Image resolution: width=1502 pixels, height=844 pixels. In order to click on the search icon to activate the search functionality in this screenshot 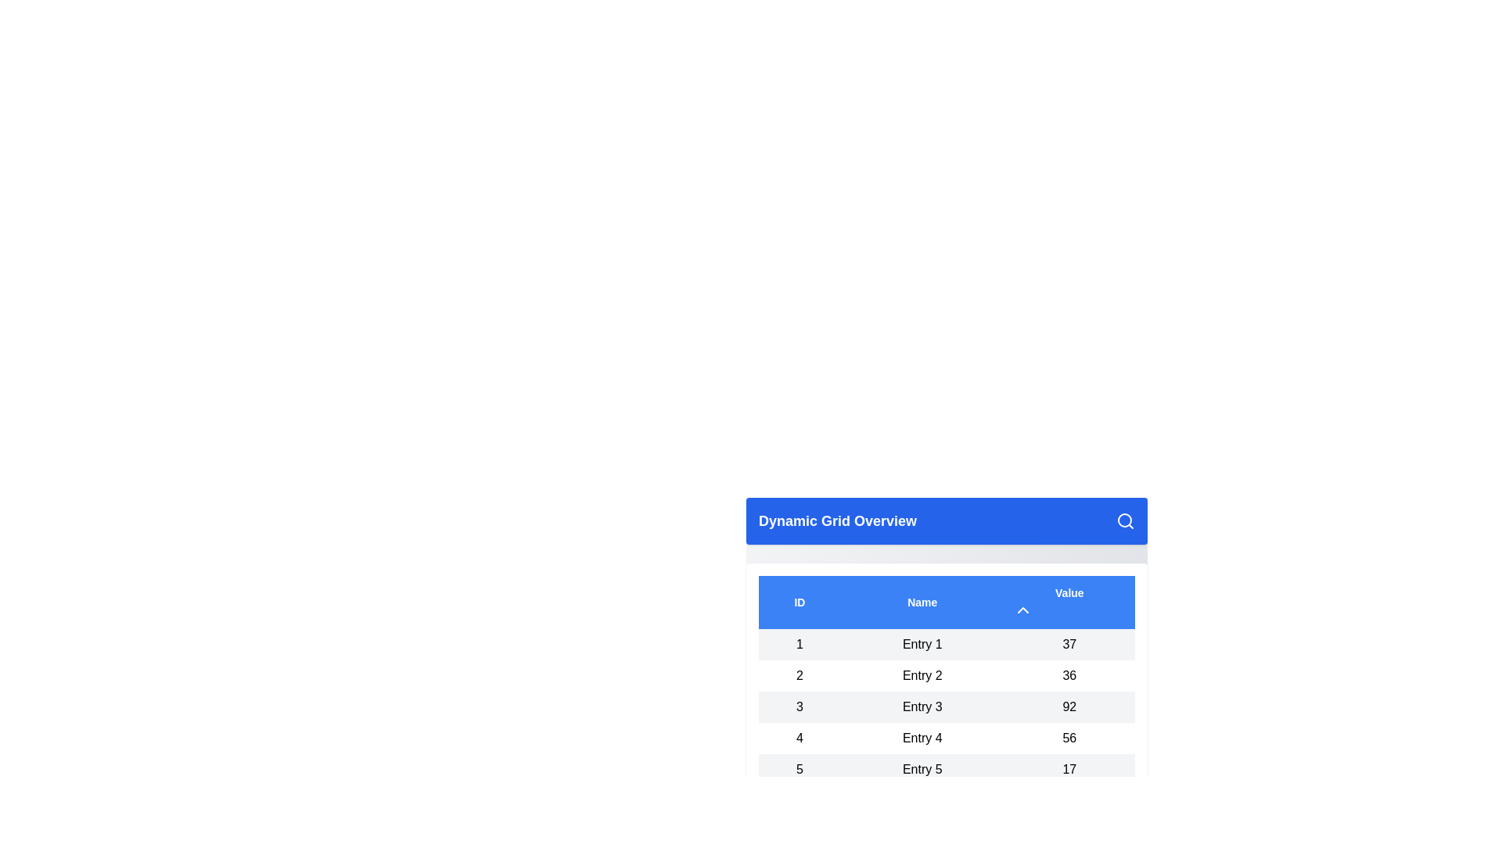, I will do `click(1125, 521)`.